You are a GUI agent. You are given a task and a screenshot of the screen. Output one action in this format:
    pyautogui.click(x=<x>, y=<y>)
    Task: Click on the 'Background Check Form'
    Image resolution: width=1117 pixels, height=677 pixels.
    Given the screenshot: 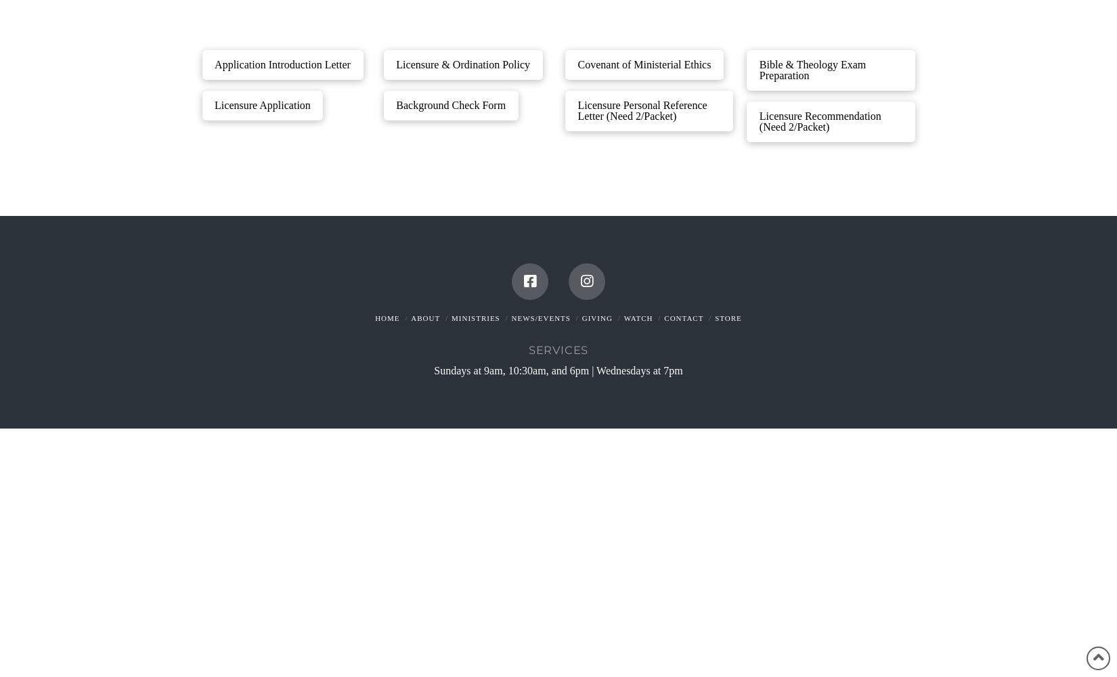 What is the action you would take?
    pyautogui.click(x=450, y=105)
    